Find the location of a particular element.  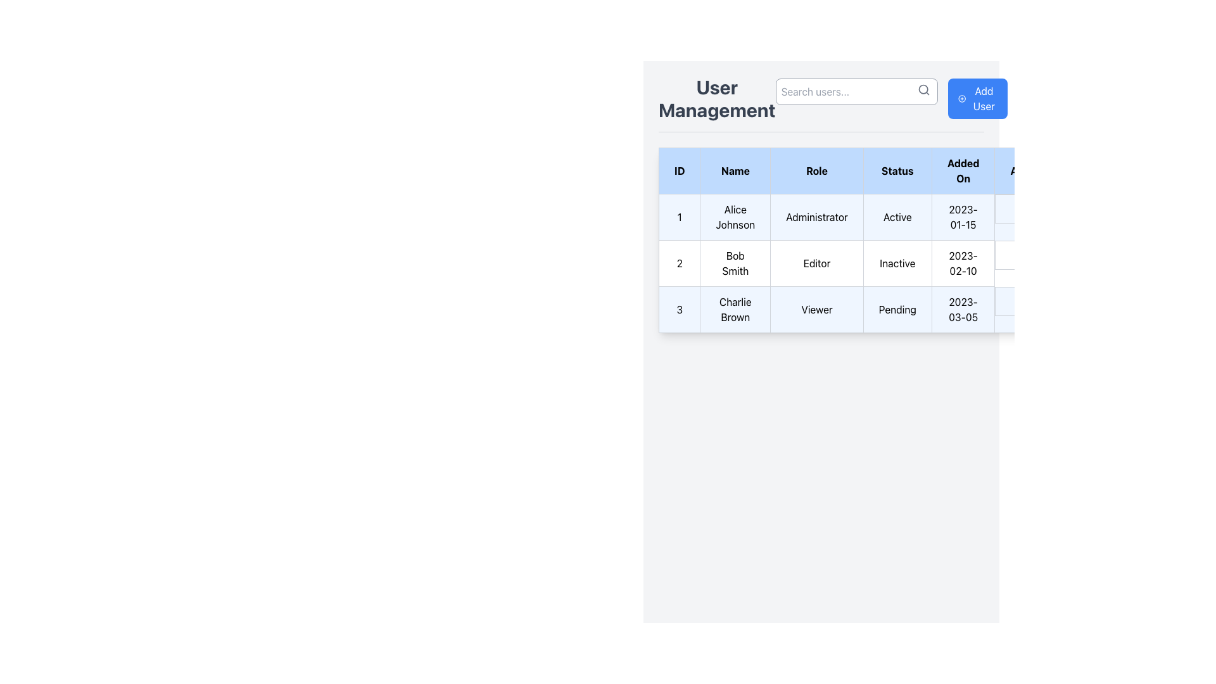

the search bar with a text placeholder 'Search users...' to focus on the input field is located at coordinates (856, 98).